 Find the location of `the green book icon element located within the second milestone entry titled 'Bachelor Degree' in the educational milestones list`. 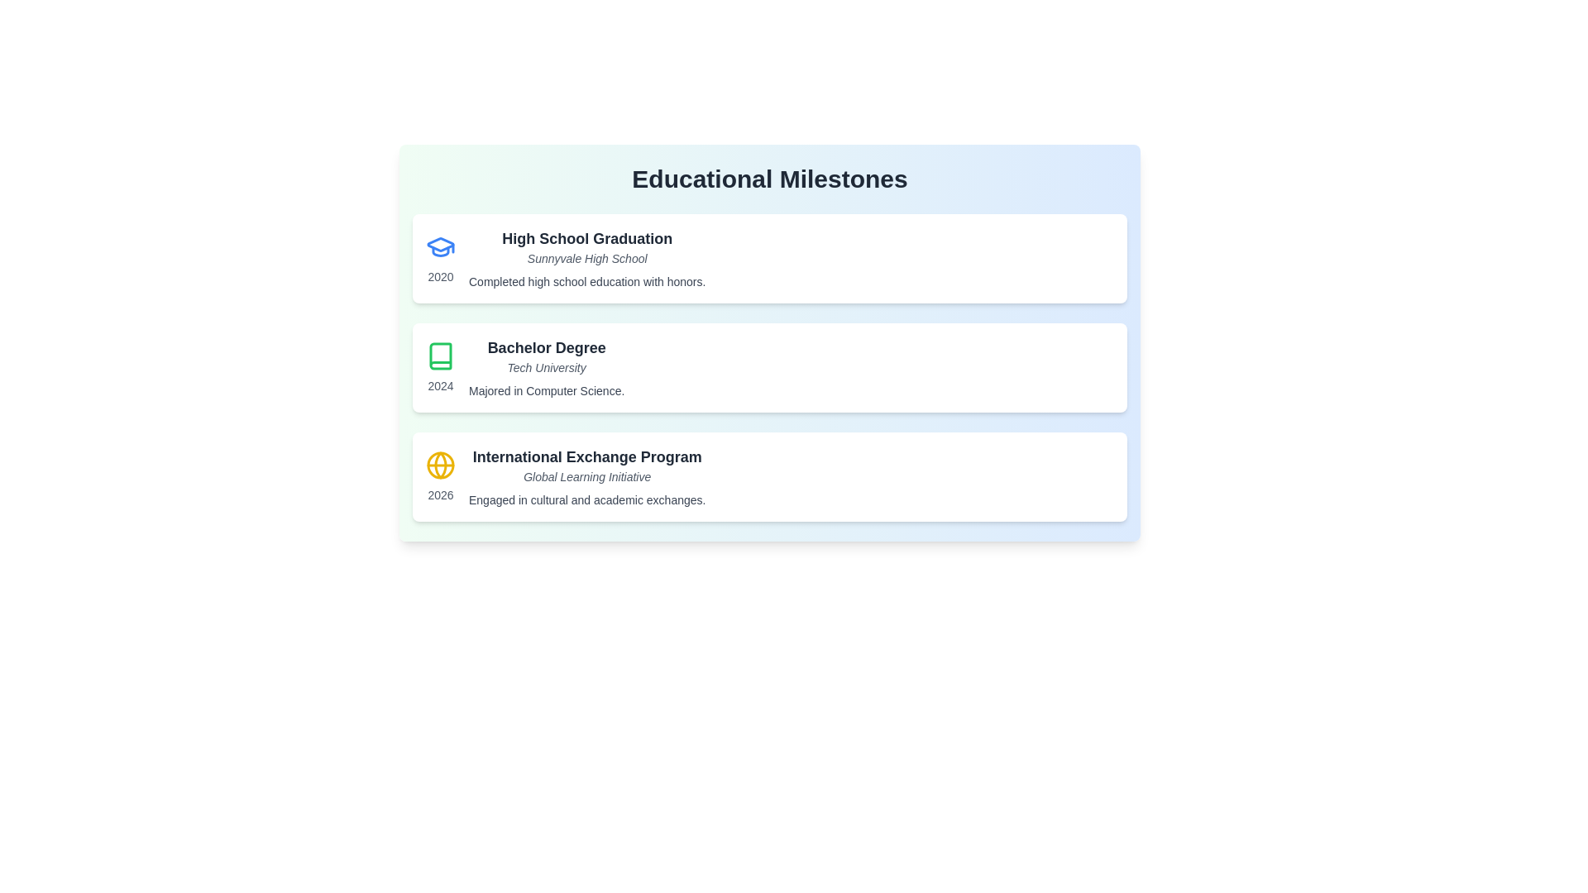

the green book icon element located within the second milestone entry titled 'Bachelor Degree' in the educational milestones list is located at coordinates (440, 356).